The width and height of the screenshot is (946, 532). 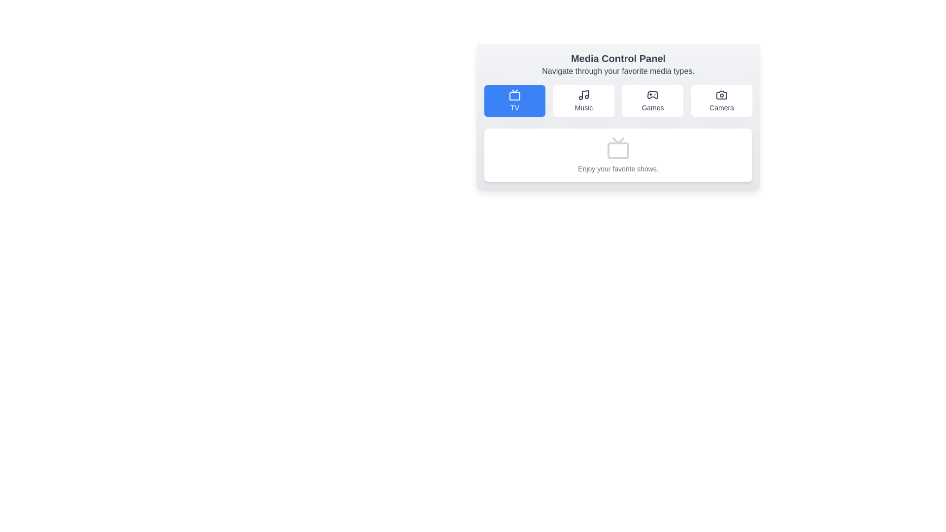 I want to click on the 'Music' text label located in the second button of a horizontal list of four buttons, positioned beneath a musical note icon, so click(x=584, y=108).